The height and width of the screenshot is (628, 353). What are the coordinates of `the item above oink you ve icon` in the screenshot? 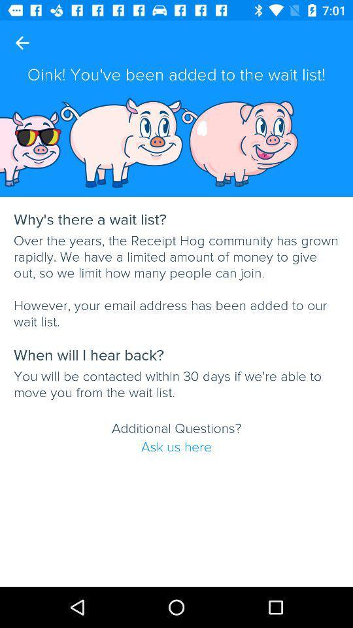 It's located at (22, 43).